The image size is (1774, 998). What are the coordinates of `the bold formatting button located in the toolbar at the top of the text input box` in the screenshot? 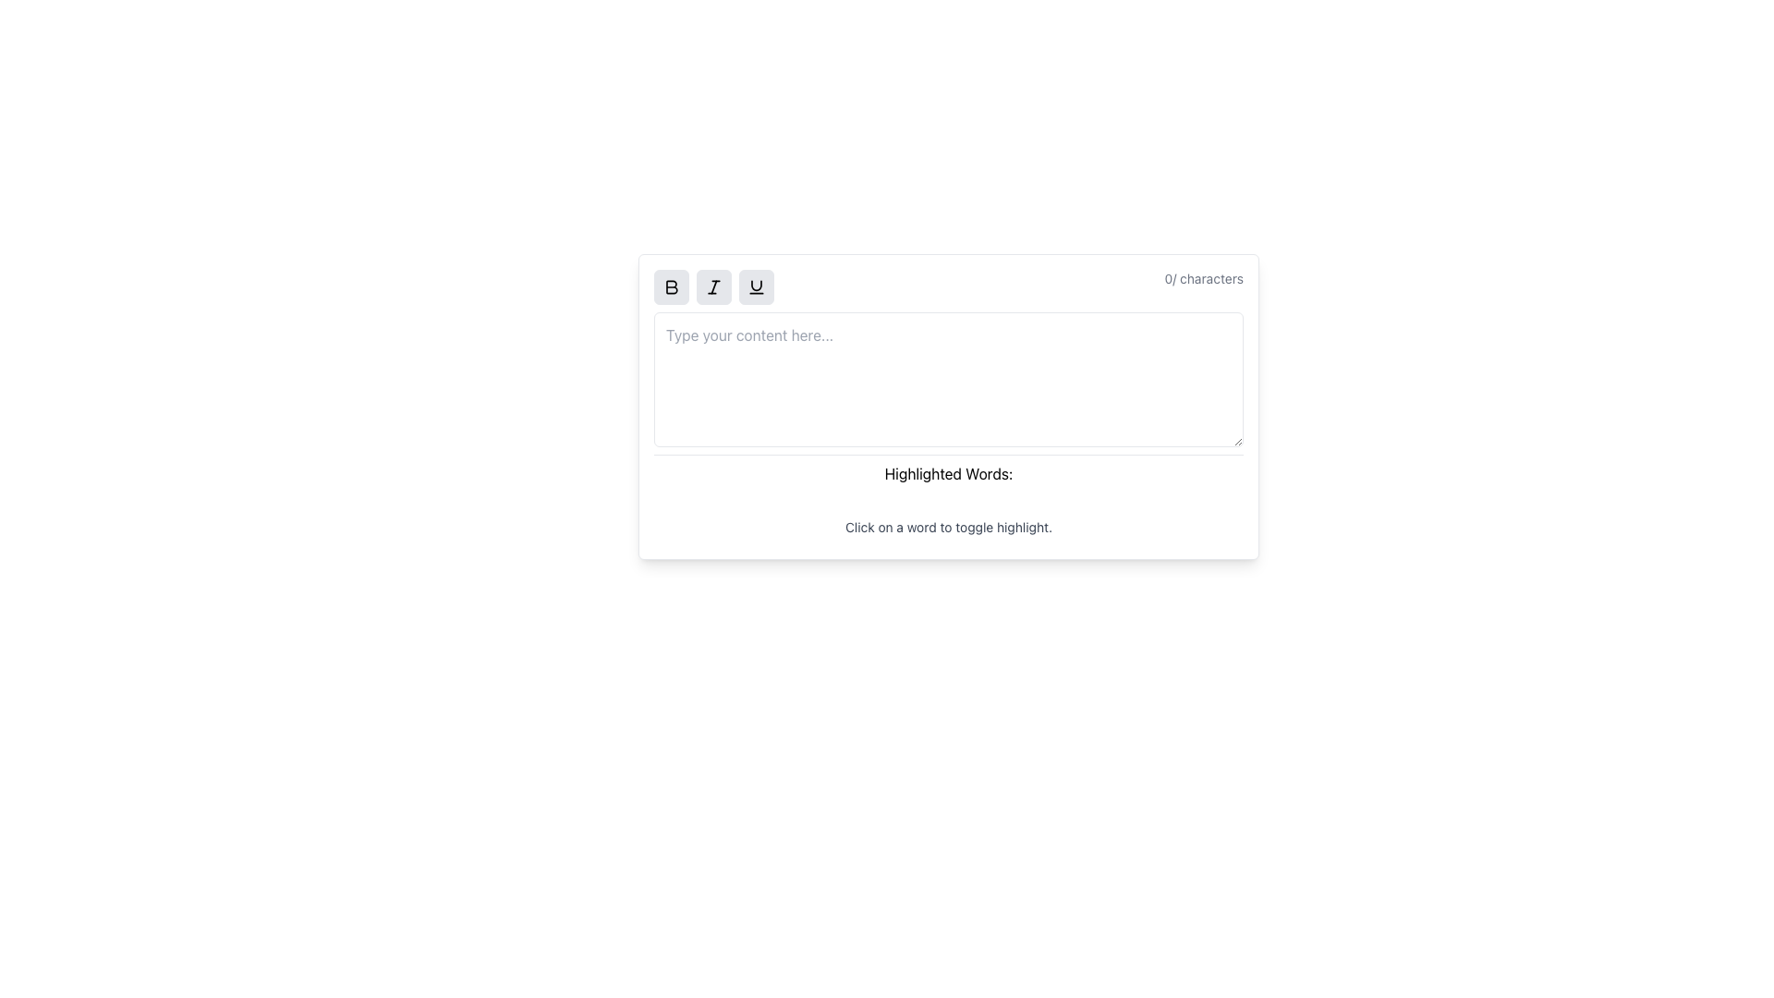 It's located at (670, 287).